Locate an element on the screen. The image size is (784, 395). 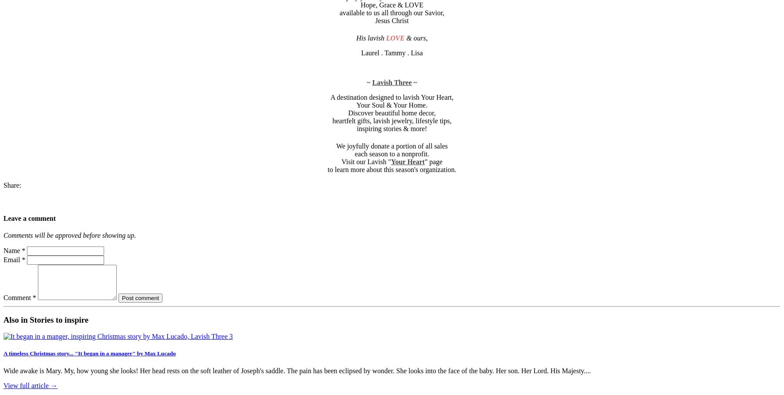
'A destination designed to lavish Your Heart,' is located at coordinates (392, 97).